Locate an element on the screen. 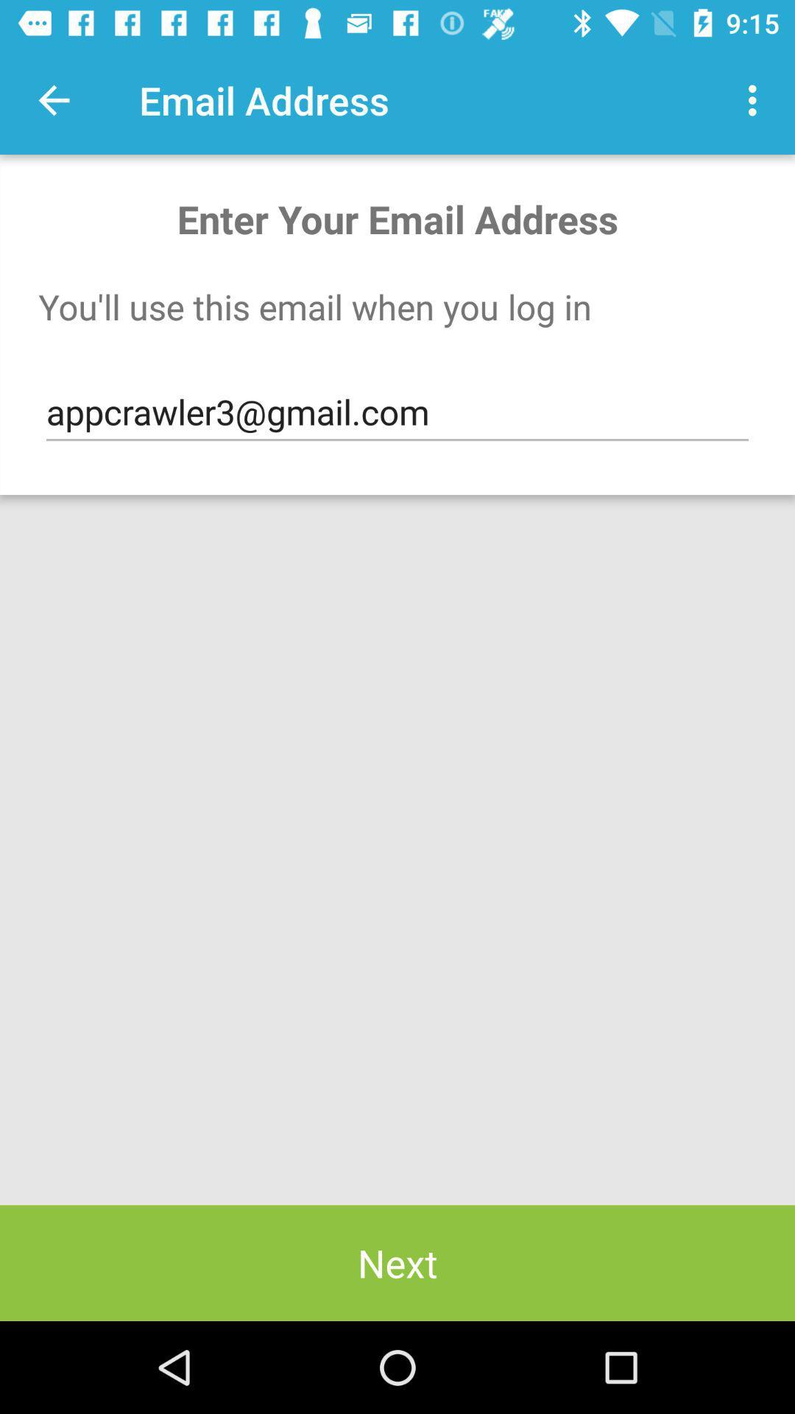 The image size is (795, 1414). icon above the enter your email icon is located at coordinates (53, 99).